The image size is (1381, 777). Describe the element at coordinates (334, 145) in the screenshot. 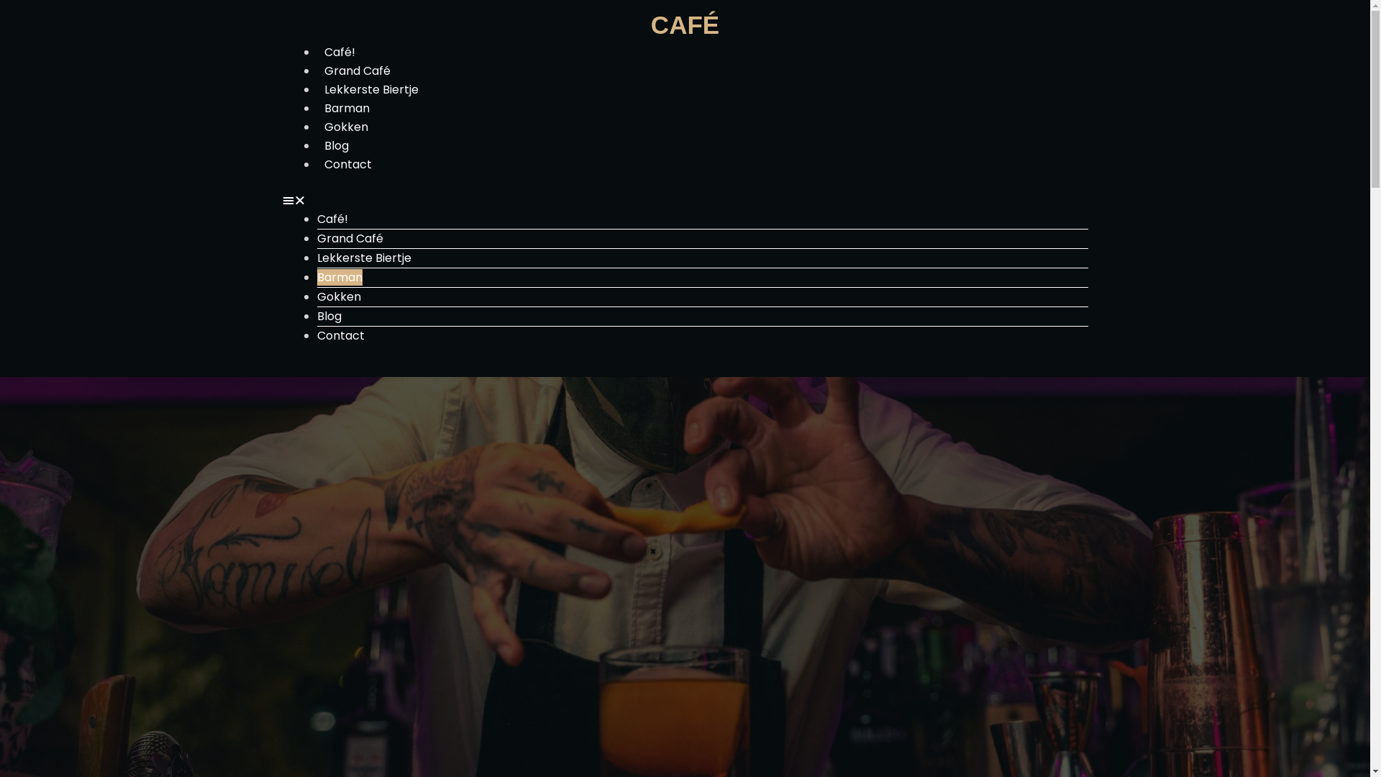

I see `'Blog'` at that location.